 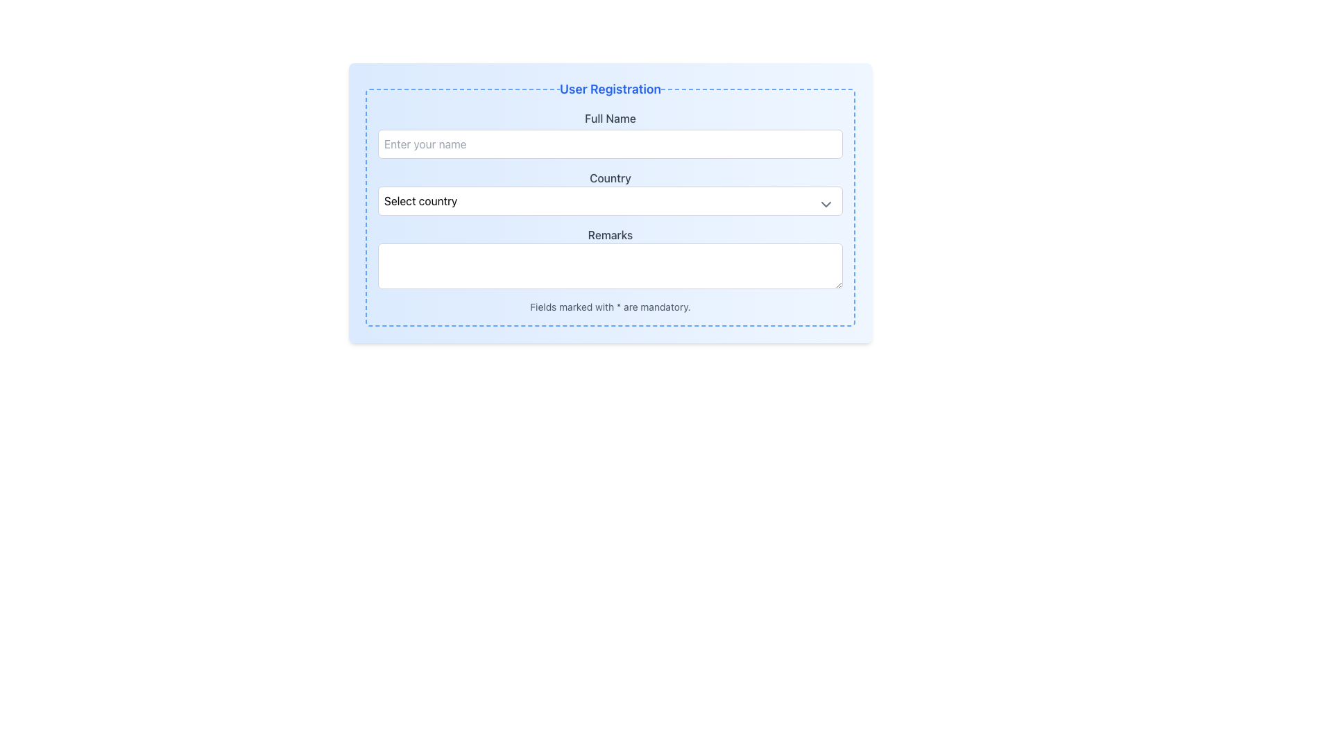 What do you see at coordinates (610, 178) in the screenshot?
I see `the label indicating the purpose of the dropdown menu for selecting a country, which is located in the center of the registration form above the dropdown` at bounding box center [610, 178].